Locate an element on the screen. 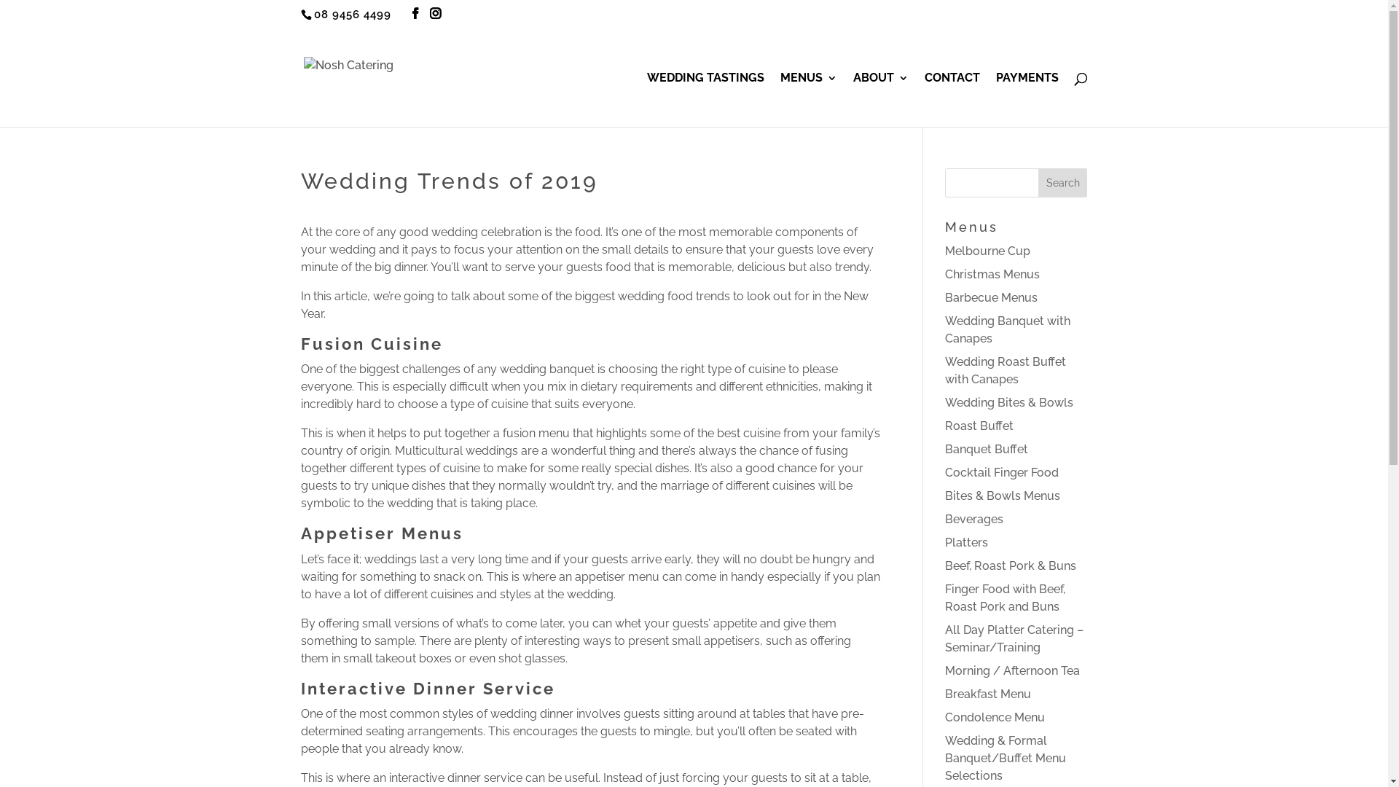 The image size is (1399, 787). 'WEDDING TASTINGS' is located at coordinates (705, 99).